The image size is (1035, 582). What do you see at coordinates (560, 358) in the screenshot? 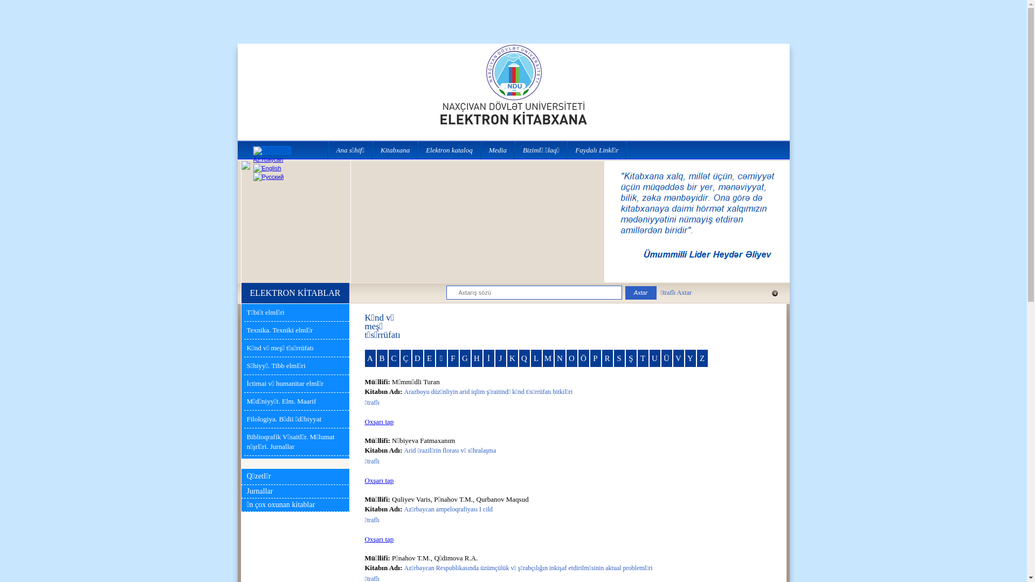
I see `'N'` at bounding box center [560, 358].